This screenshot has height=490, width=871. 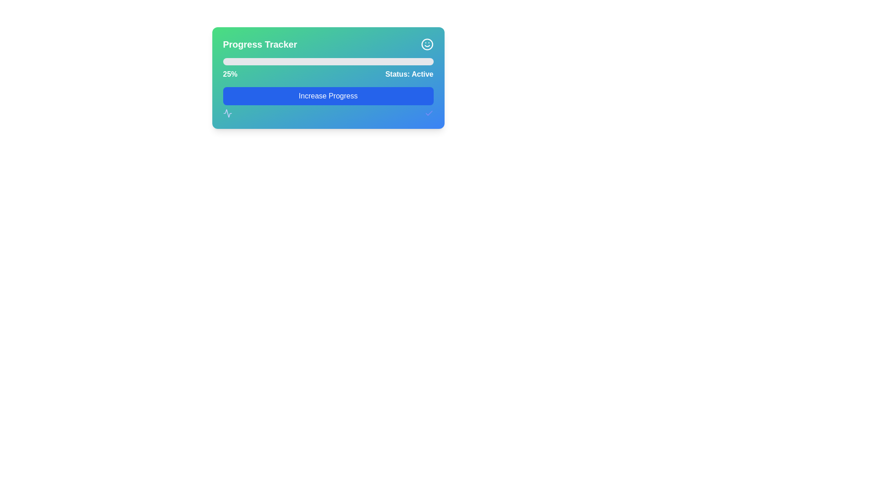 I want to click on the rectangular button with rounded corners that has a solid blue background and white text reading 'Increase Progress', so click(x=328, y=96).